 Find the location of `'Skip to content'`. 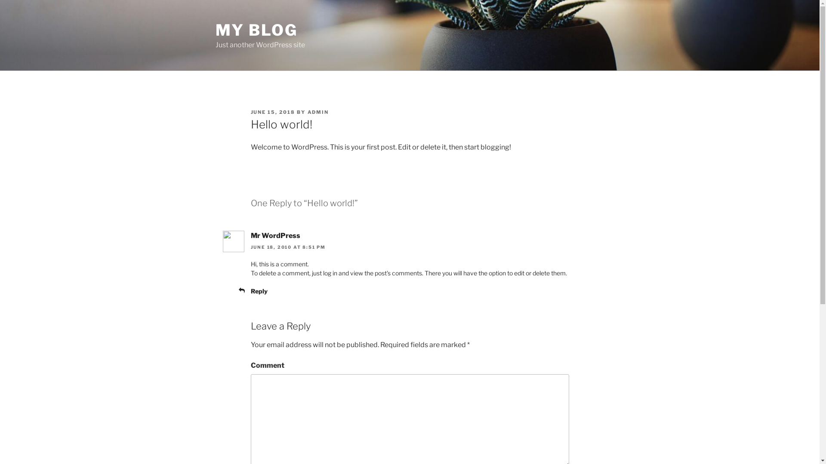

'Skip to content' is located at coordinates (0, 0).